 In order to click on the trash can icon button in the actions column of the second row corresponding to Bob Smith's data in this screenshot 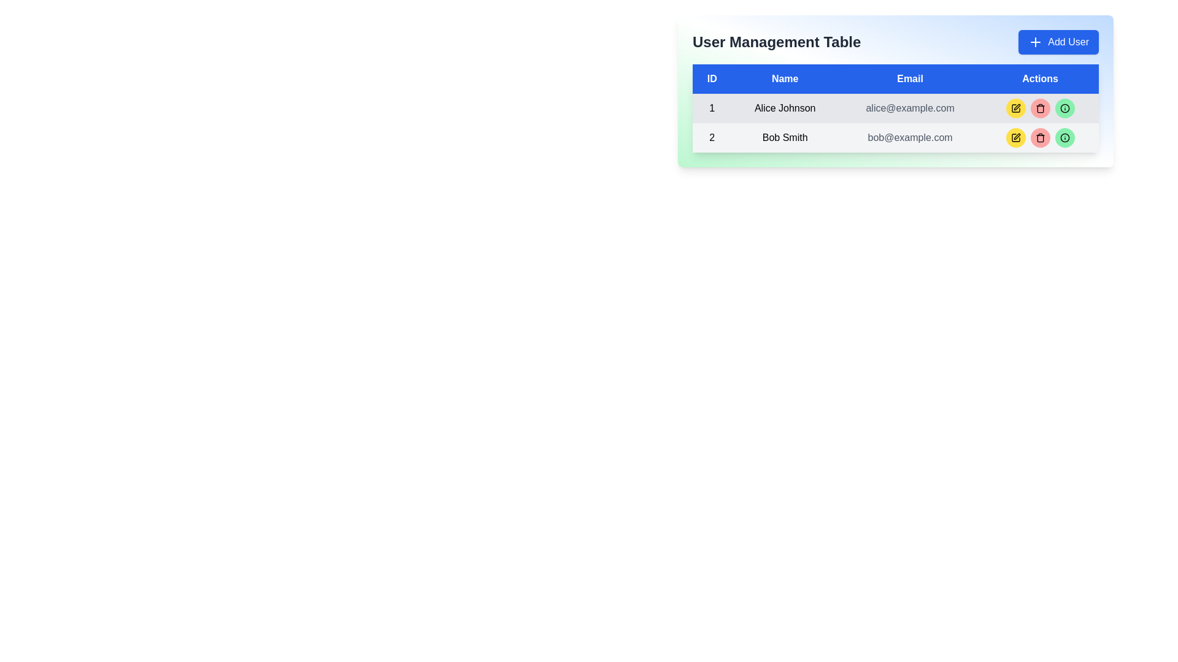, I will do `click(1039, 108)`.